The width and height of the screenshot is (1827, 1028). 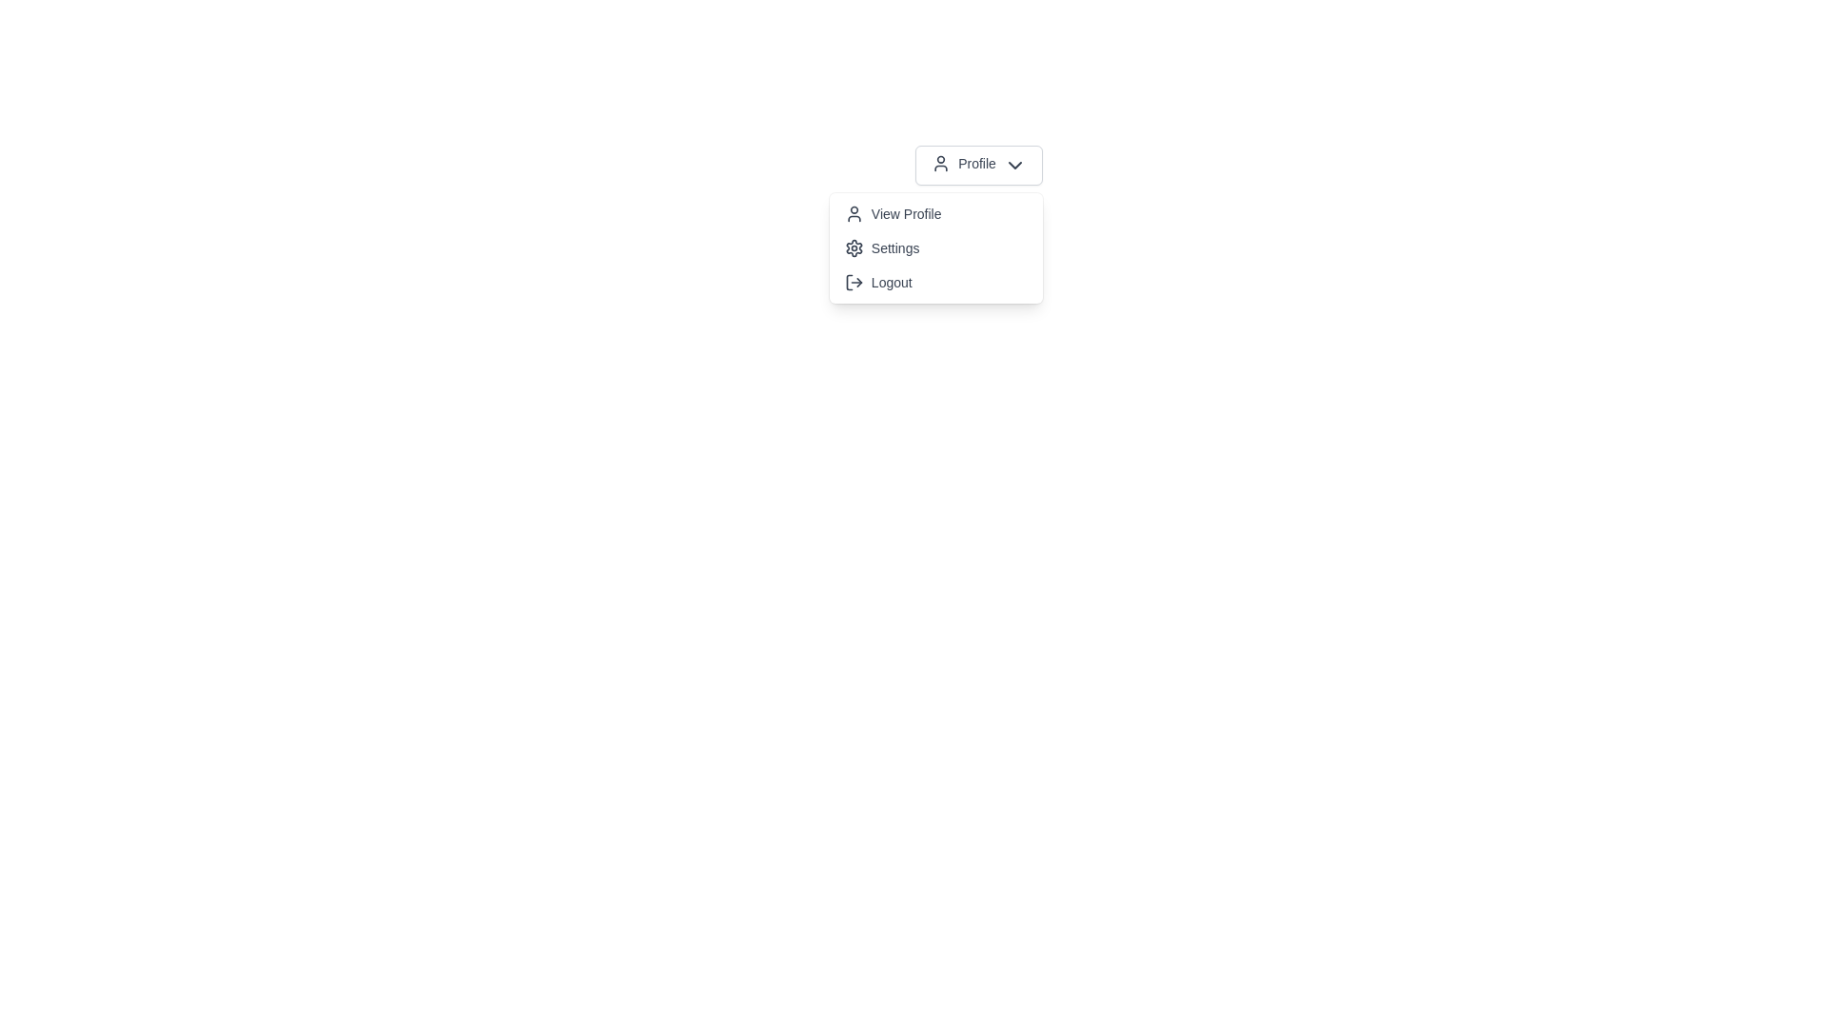 What do you see at coordinates (941, 163) in the screenshot?
I see `the profile icon located to the left of the 'Profile' text, which provides access to user account-related functionalities` at bounding box center [941, 163].